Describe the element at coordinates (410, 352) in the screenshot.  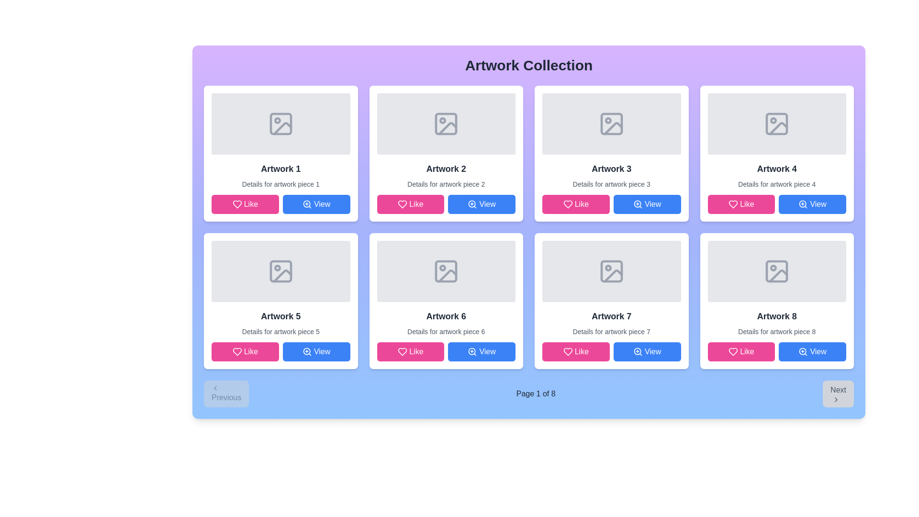
I see `the 'Like' button with a pink background and heart-shaped icon located below the image and title for 'Artwork 6'` at that location.